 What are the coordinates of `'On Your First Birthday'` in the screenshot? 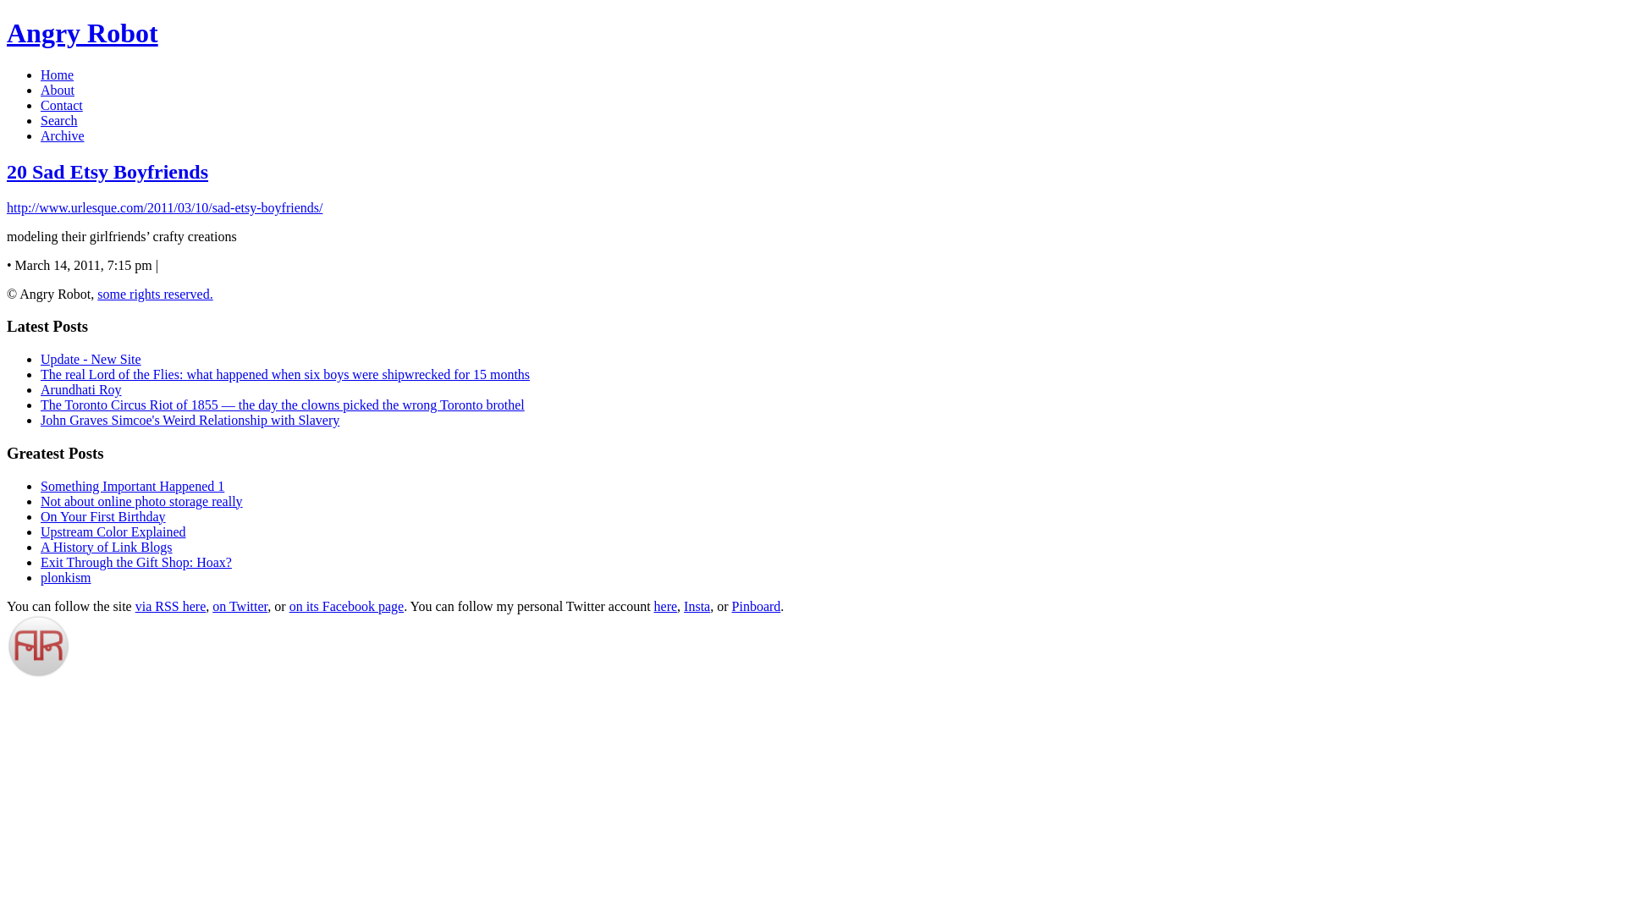 It's located at (102, 515).